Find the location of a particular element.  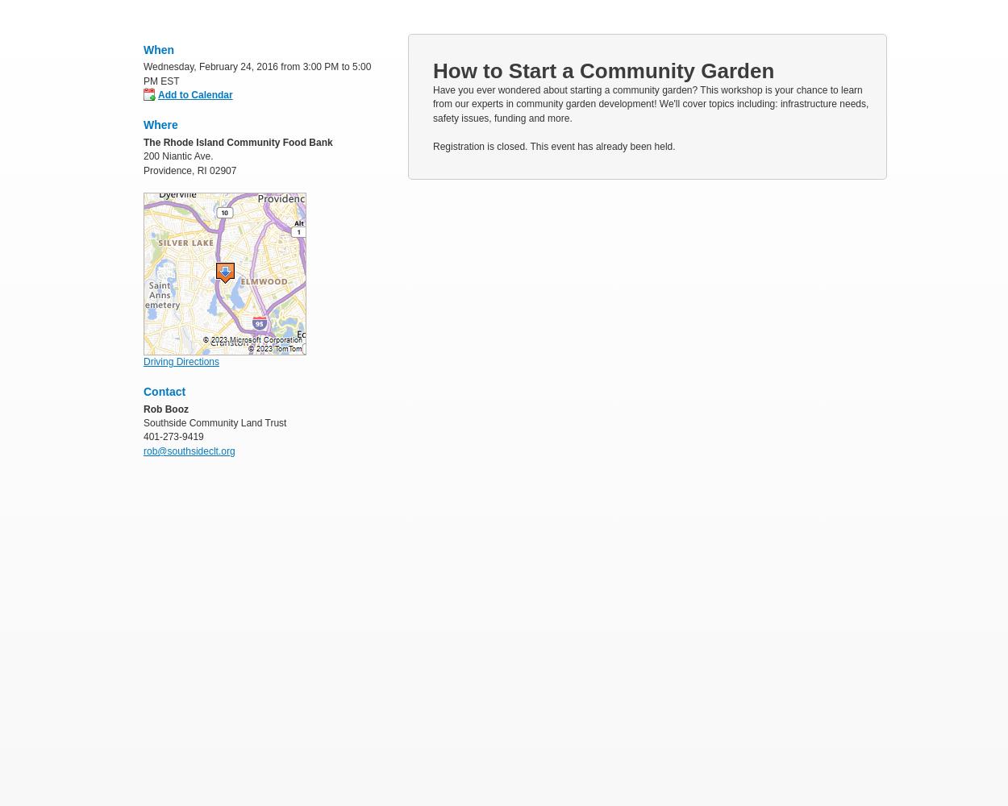

'Driving Directions' is located at coordinates (181, 360).